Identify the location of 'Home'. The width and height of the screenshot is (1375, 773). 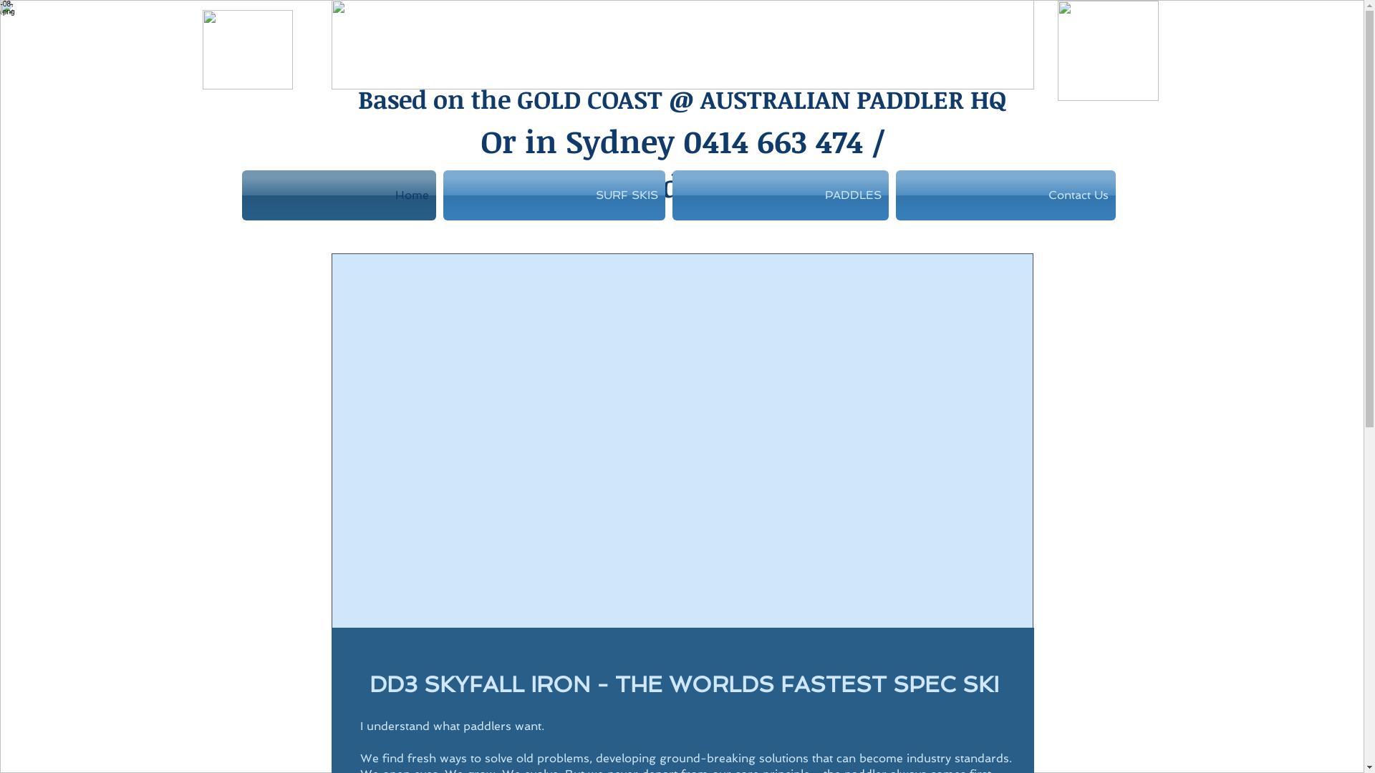
(339, 195).